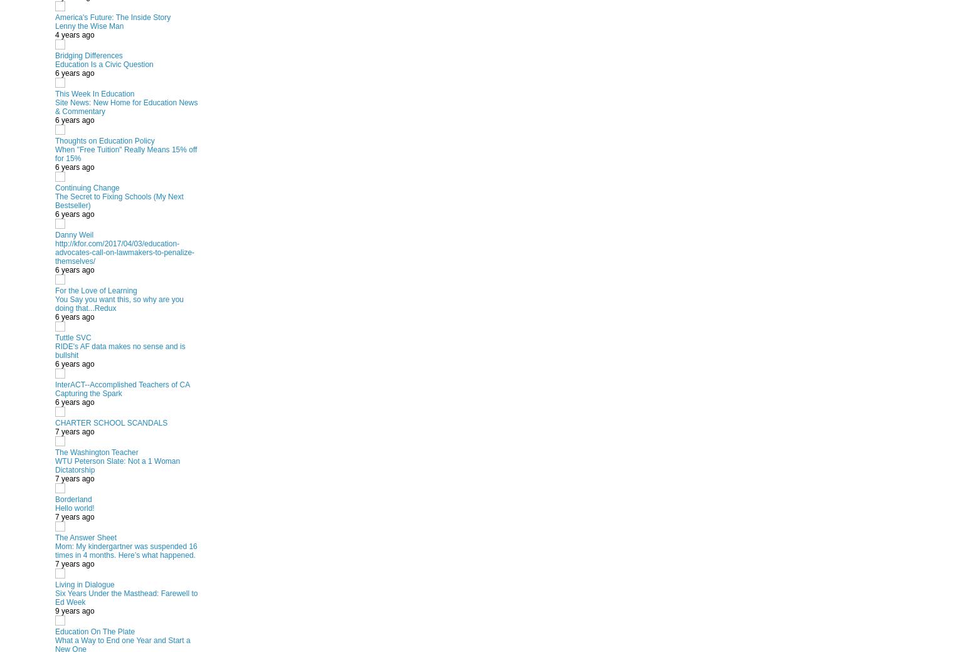  What do you see at coordinates (103, 63) in the screenshot?
I see `'Education Is a Civic Question'` at bounding box center [103, 63].